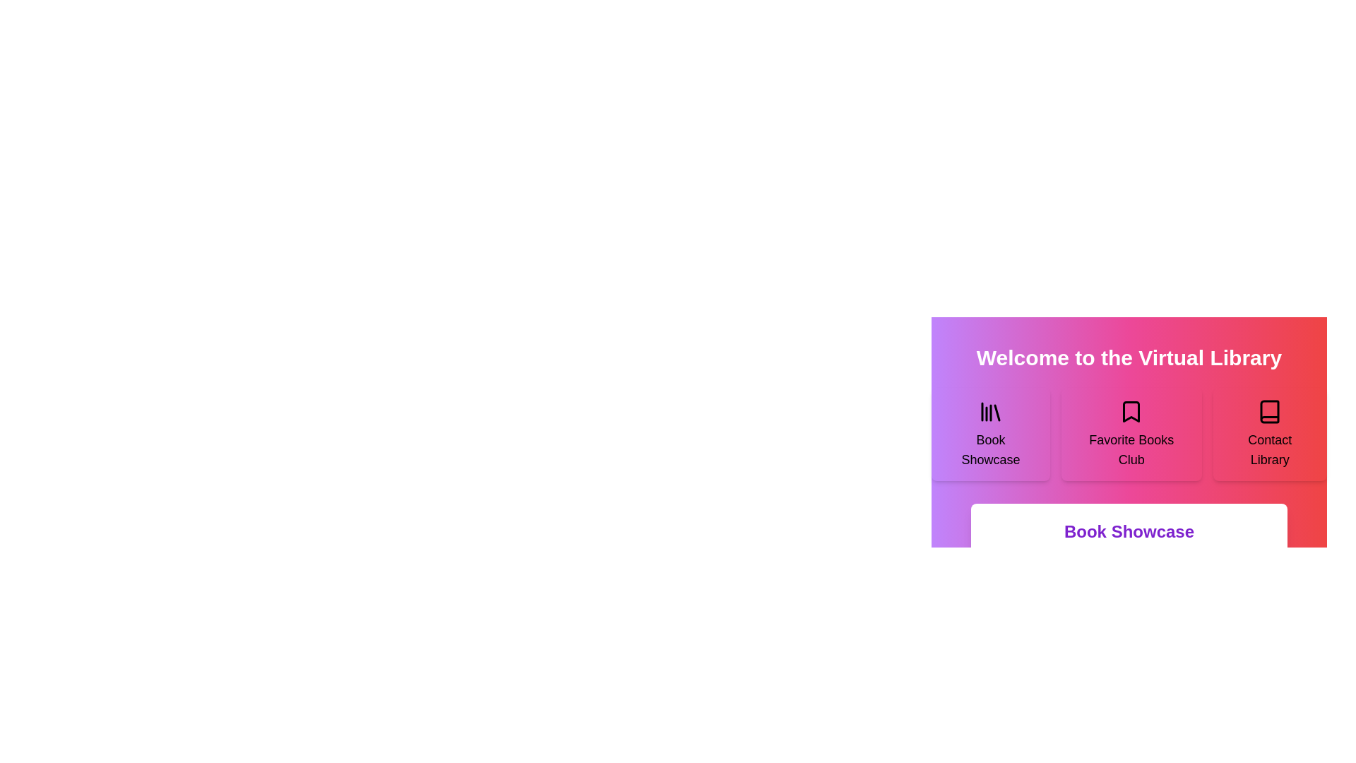 The width and height of the screenshot is (1356, 763). I want to click on the section Favorite Books Club to read its description, so click(1131, 433).